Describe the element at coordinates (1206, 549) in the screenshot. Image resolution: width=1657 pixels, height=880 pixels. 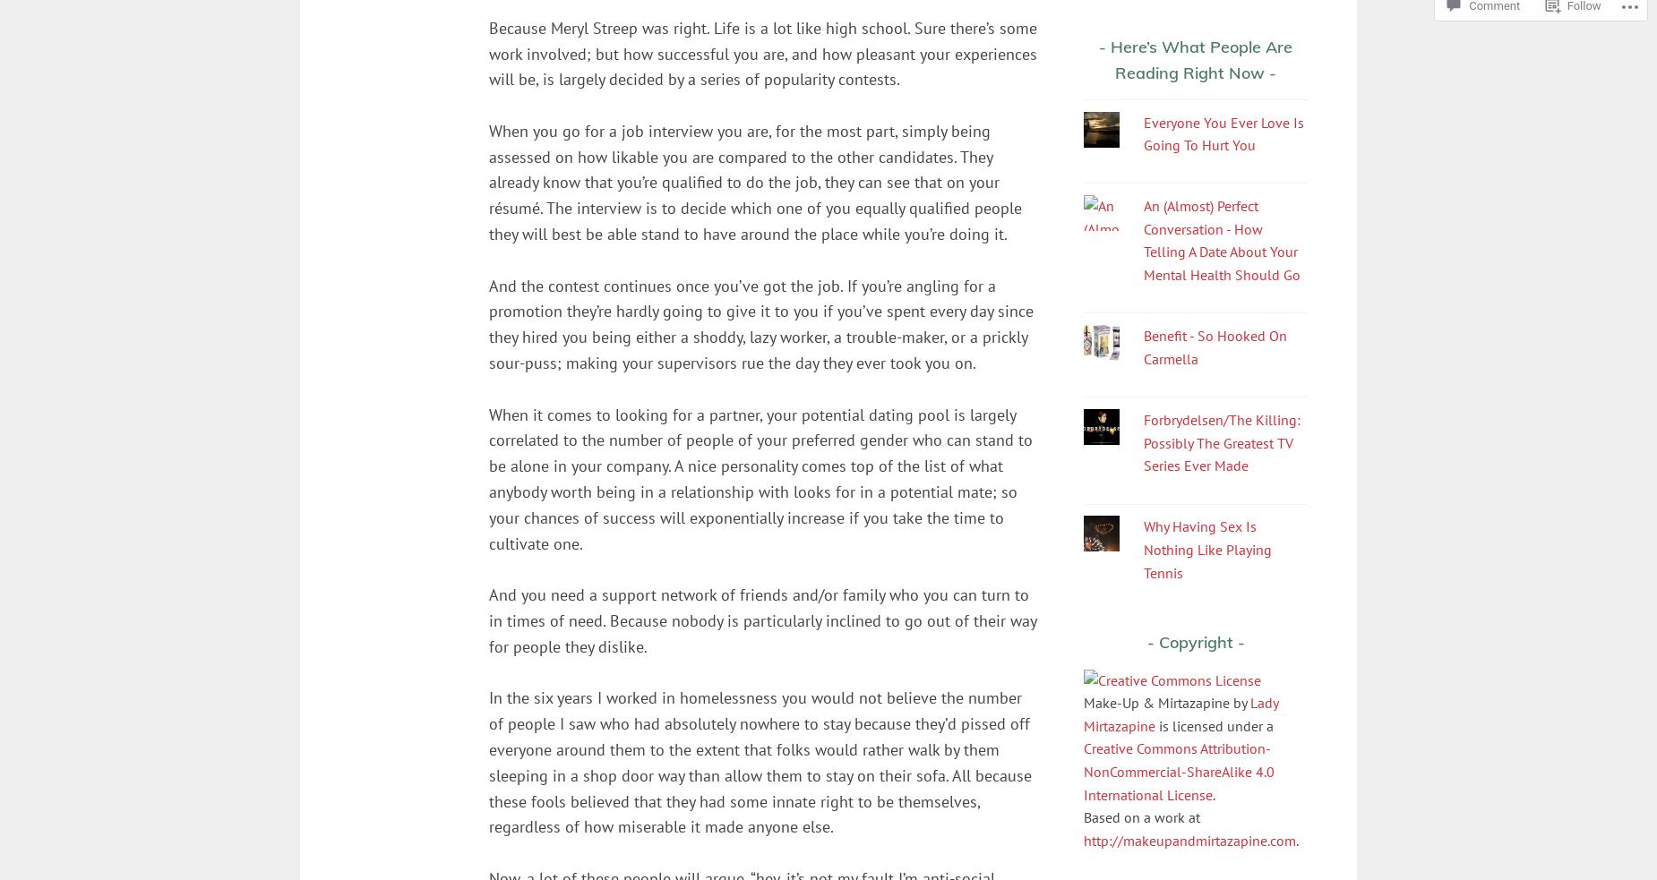
I see `'Why Having Sex Is Nothing Like Playing Tennis'` at that location.